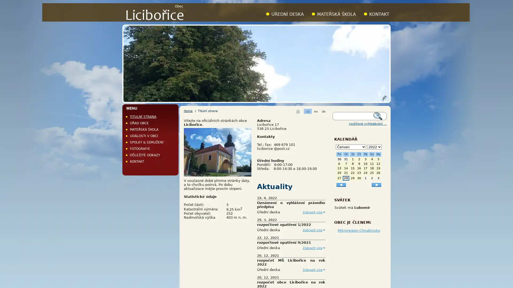  Describe the element at coordinates (341, 184) in the screenshot. I see `predchozi` at that location.